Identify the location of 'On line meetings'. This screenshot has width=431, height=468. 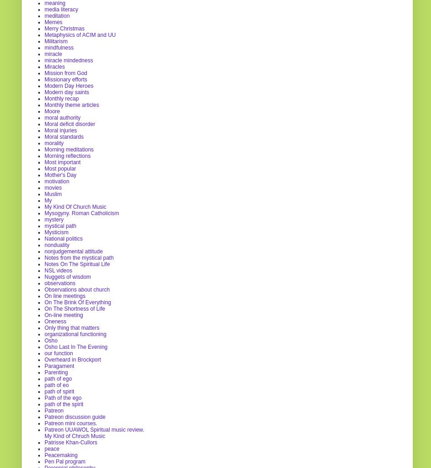
(64, 296).